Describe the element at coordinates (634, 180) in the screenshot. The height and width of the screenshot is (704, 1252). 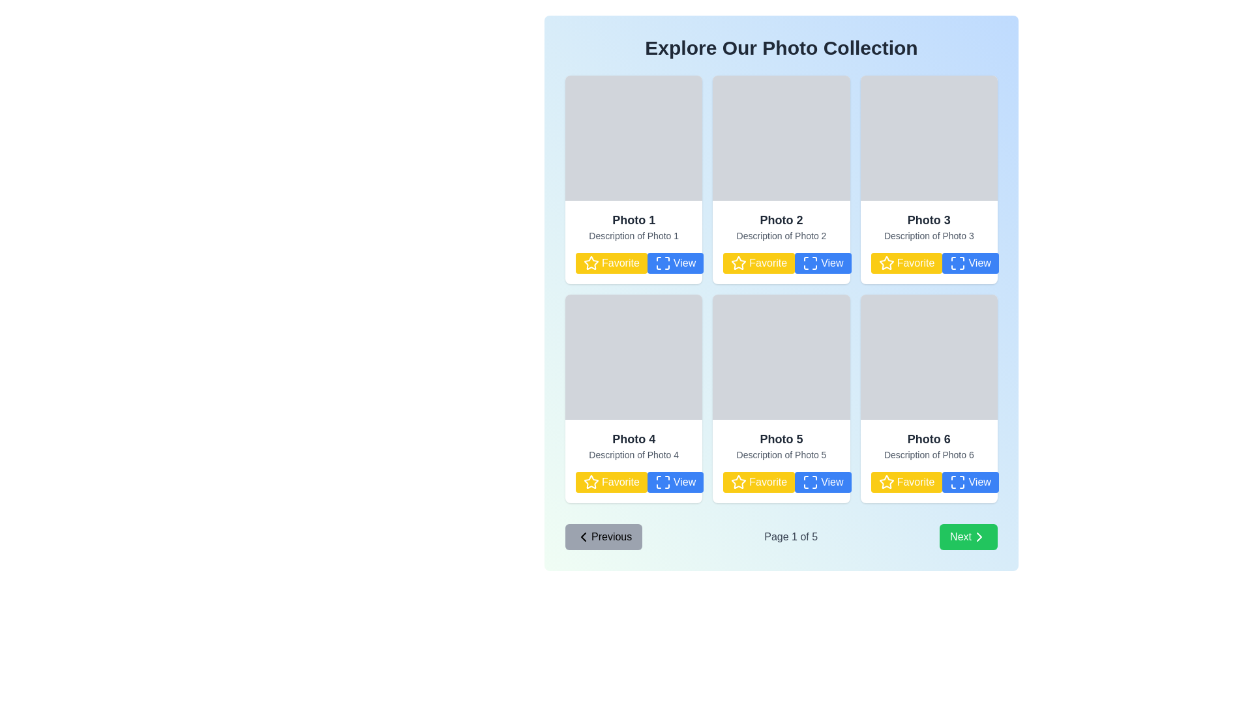
I see `the first card in the grid layout which contains a photograph, title, description, and action buttons` at that location.